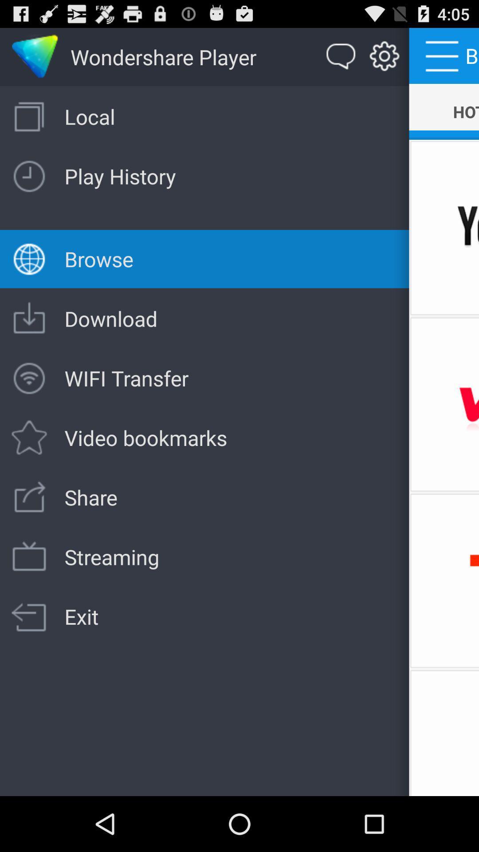 This screenshot has width=479, height=852. Describe the element at coordinates (444, 404) in the screenshot. I see `the icon to the right of the download item` at that location.